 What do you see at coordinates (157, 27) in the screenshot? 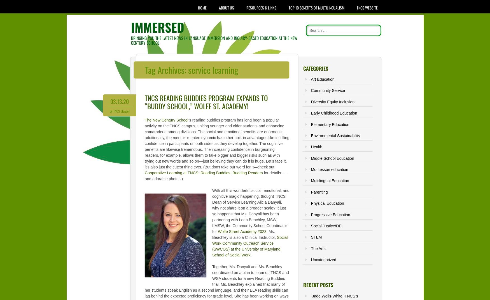
I see `'Immersed'` at bounding box center [157, 27].